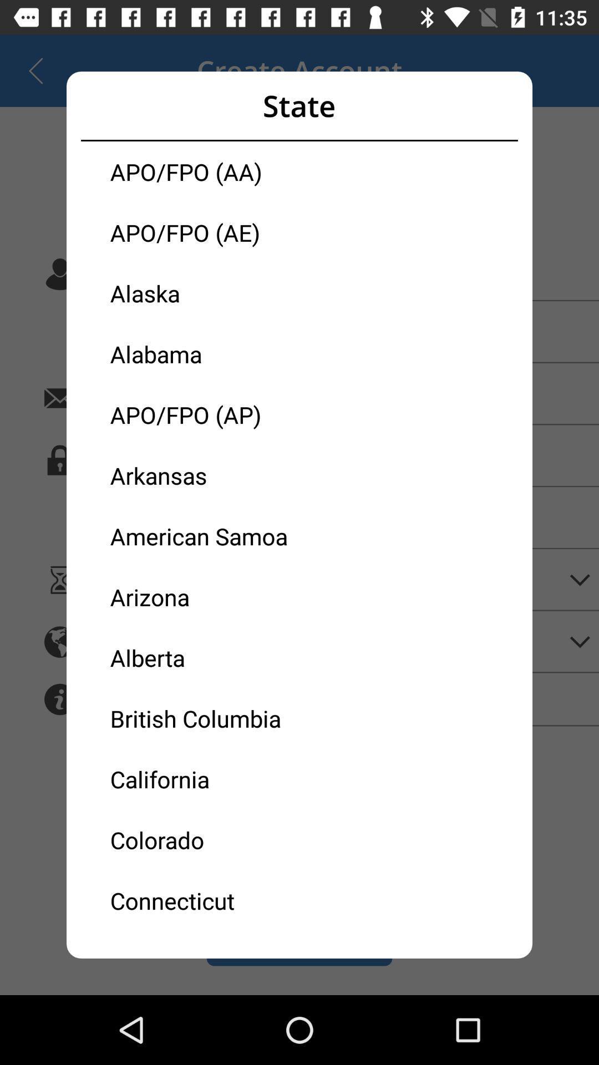 This screenshot has height=1065, width=599. I want to click on the item above the american samoa item, so click(205, 475).